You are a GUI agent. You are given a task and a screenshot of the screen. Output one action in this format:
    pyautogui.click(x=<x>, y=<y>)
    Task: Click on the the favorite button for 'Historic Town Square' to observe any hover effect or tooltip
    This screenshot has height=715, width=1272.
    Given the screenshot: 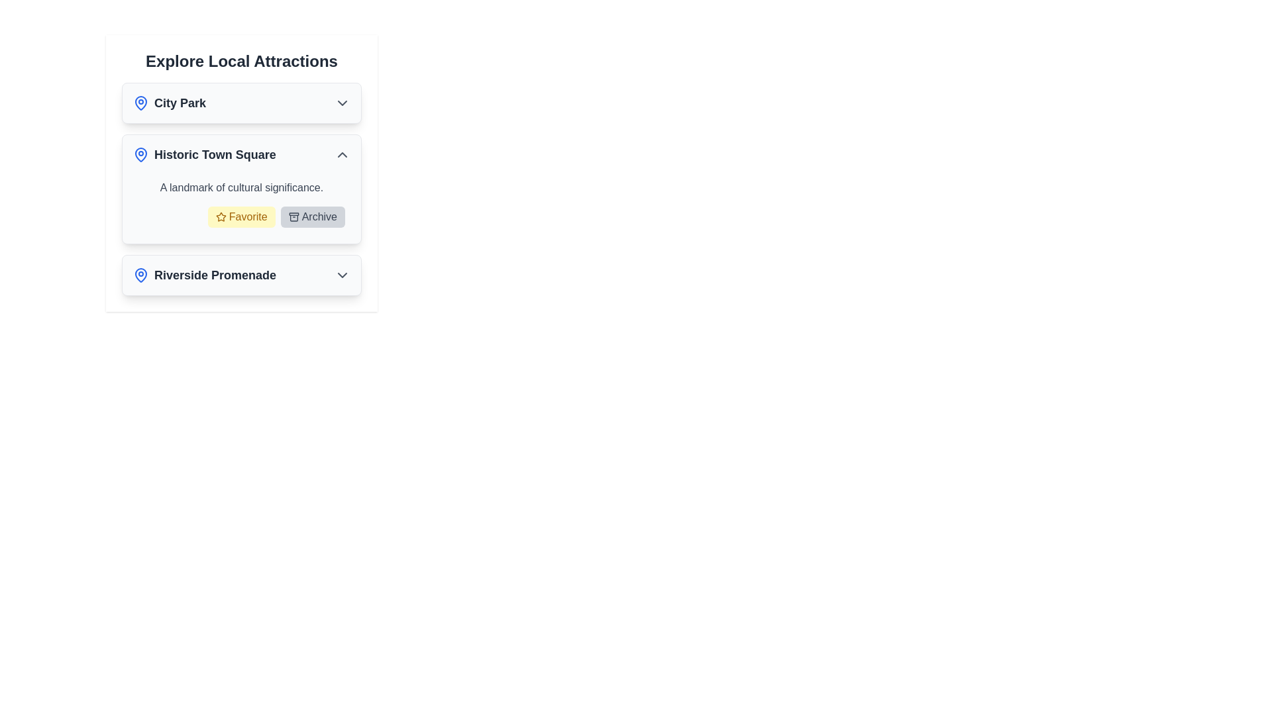 What is the action you would take?
    pyautogui.click(x=241, y=216)
    